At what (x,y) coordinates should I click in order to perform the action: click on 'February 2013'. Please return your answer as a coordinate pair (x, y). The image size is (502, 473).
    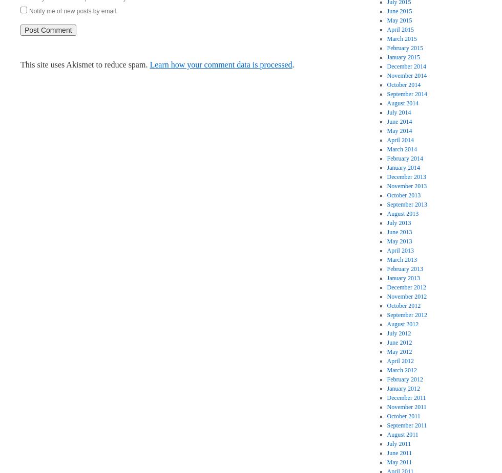
    Looking at the image, I should click on (404, 268).